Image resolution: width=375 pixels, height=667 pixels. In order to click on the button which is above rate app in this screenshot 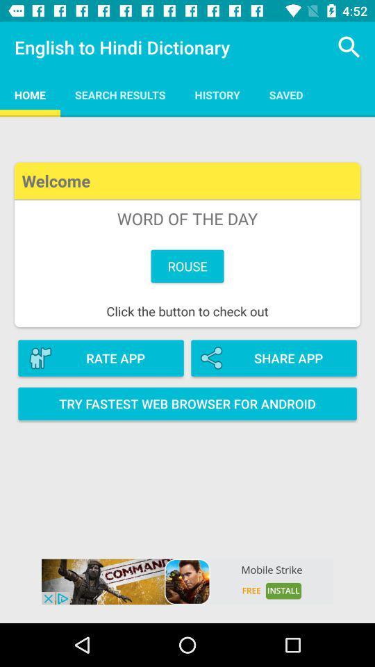, I will do `click(187, 245)`.